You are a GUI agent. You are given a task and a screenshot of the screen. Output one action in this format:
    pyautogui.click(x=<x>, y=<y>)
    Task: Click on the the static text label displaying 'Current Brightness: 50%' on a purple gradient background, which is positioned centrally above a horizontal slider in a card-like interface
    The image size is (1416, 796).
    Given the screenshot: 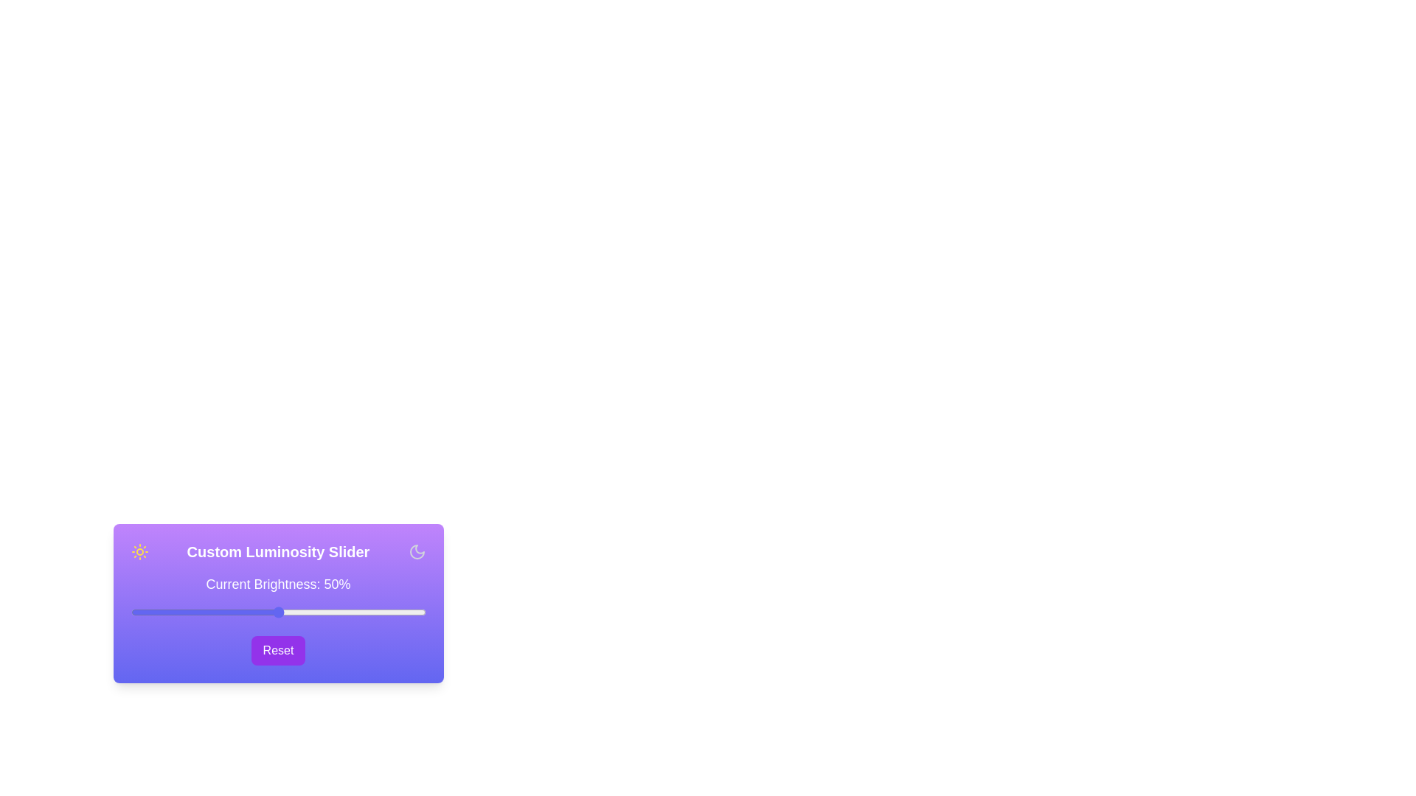 What is the action you would take?
    pyautogui.click(x=278, y=584)
    